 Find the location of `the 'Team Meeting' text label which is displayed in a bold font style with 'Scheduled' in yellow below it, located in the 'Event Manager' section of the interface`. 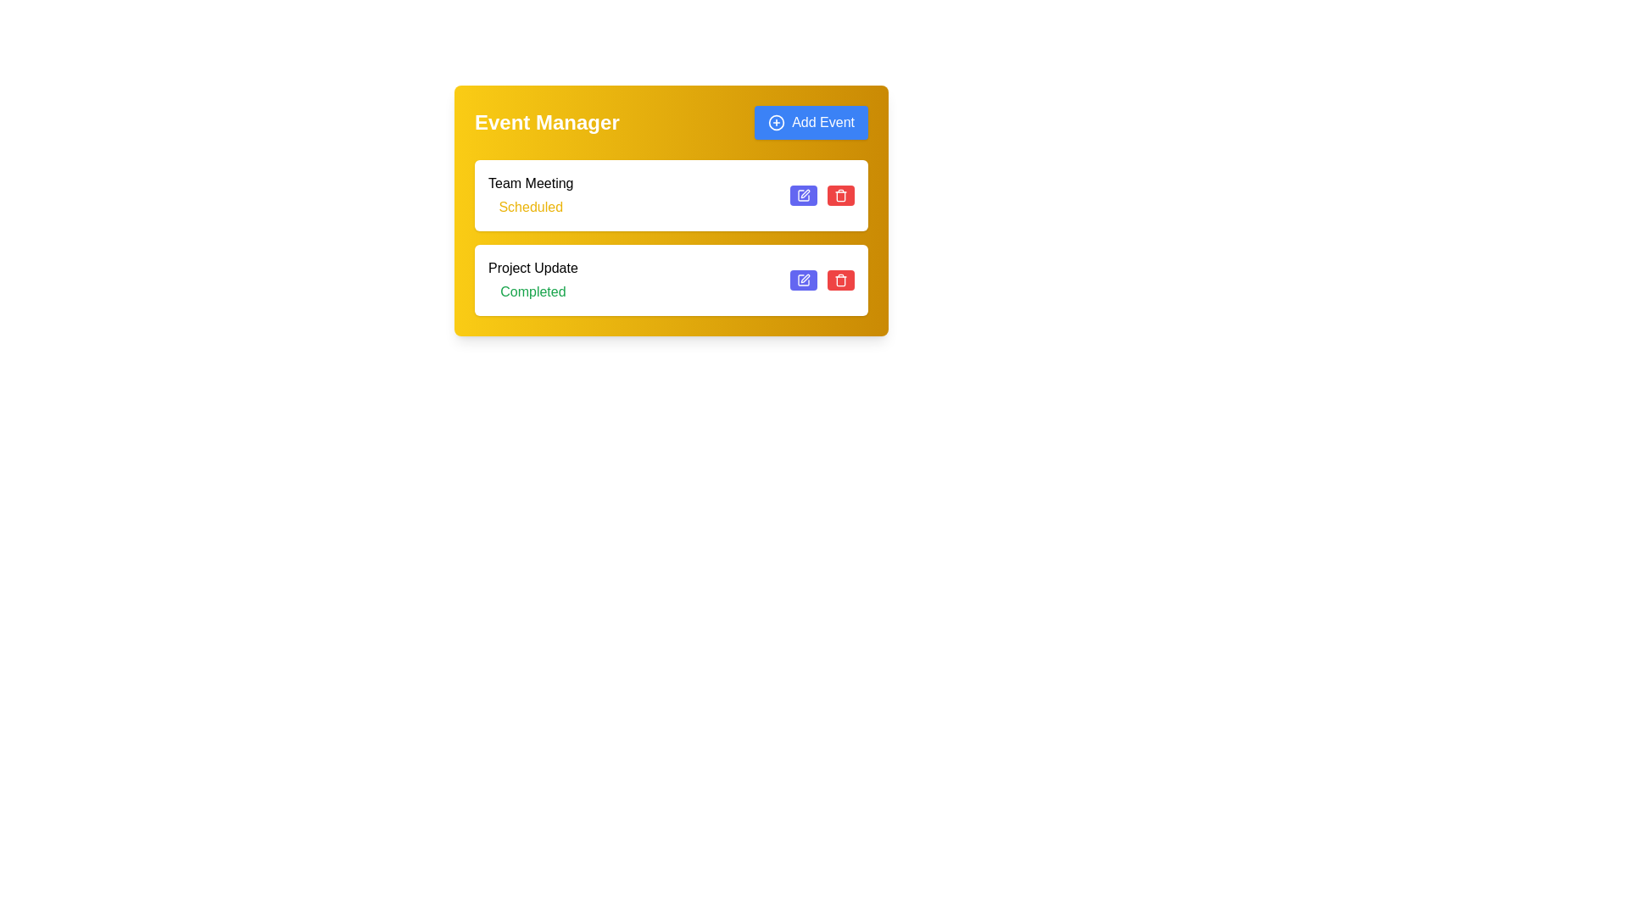

the 'Team Meeting' text label which is displayed in a bold font style with 'Scheduled' in yellow below it, located in the 'Event Manager' section of the interface is located at coordinates (530, 195).